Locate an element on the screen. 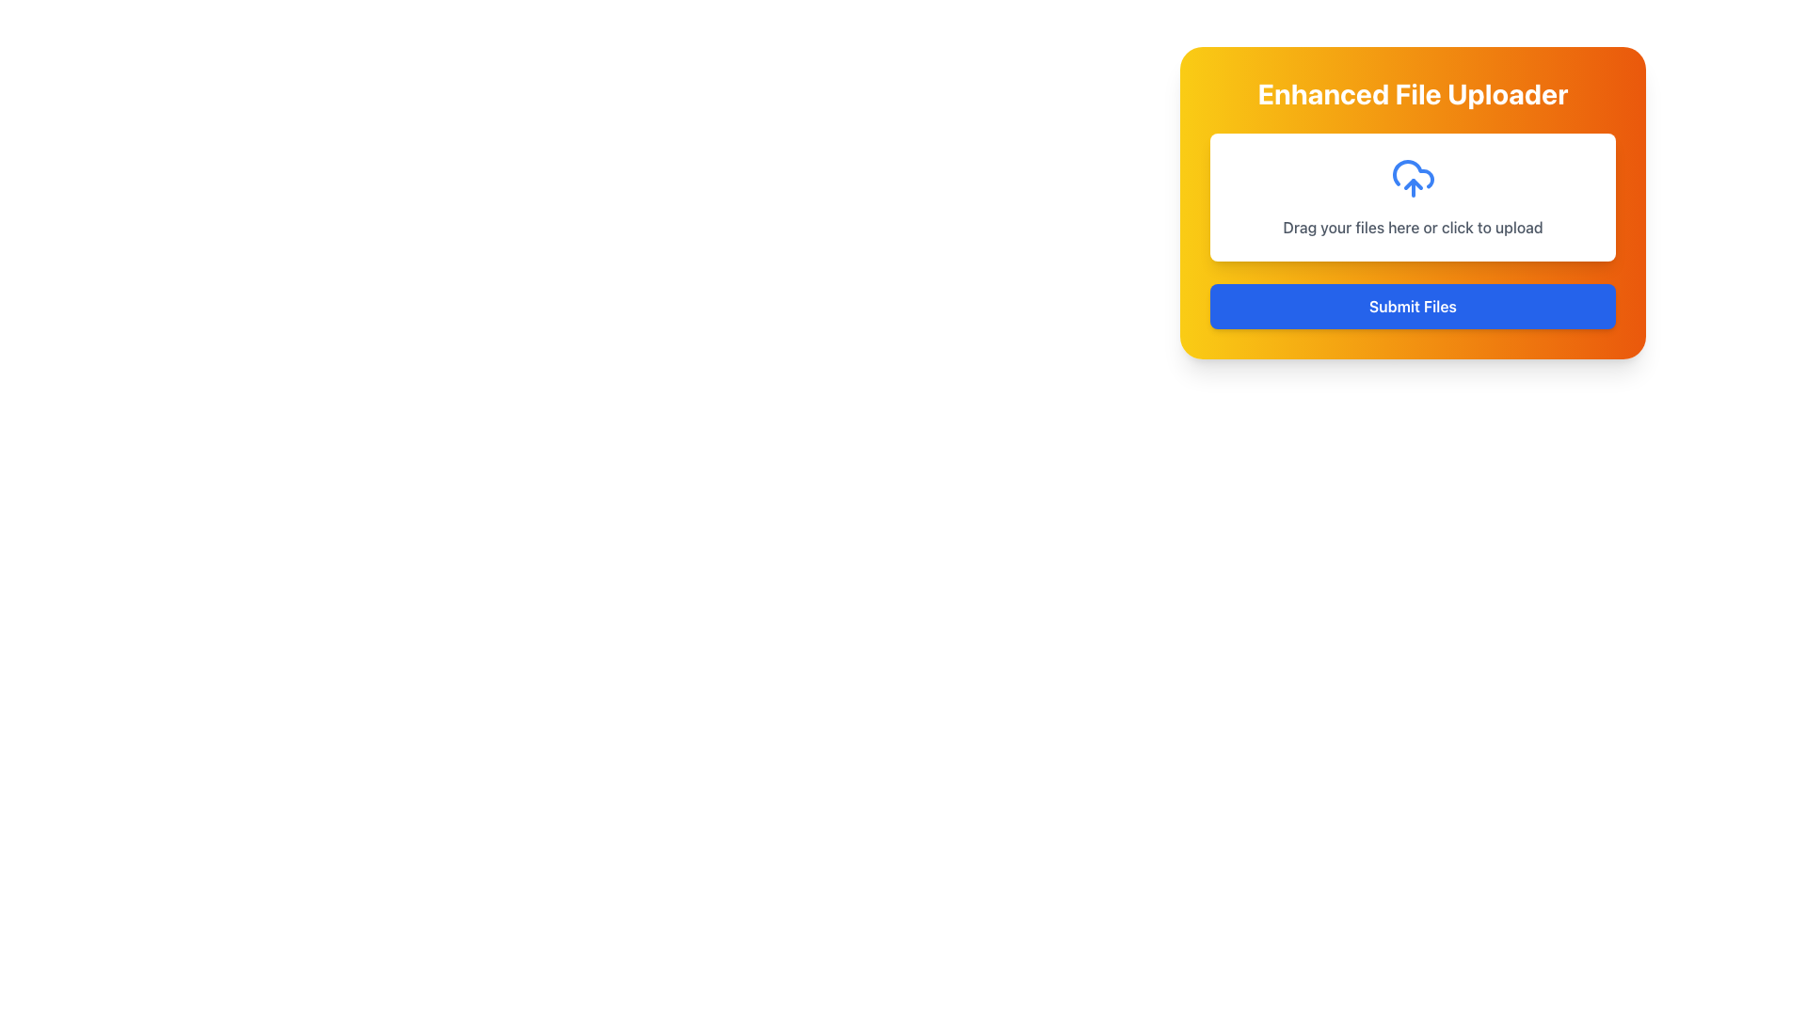 Image resolution: width=1807 pixels, height=1016 pixels. the upward-pointing arrow icon indicating the upload functionality located at the bottom center of the cloud icon is located at coordinates (1413, 184).